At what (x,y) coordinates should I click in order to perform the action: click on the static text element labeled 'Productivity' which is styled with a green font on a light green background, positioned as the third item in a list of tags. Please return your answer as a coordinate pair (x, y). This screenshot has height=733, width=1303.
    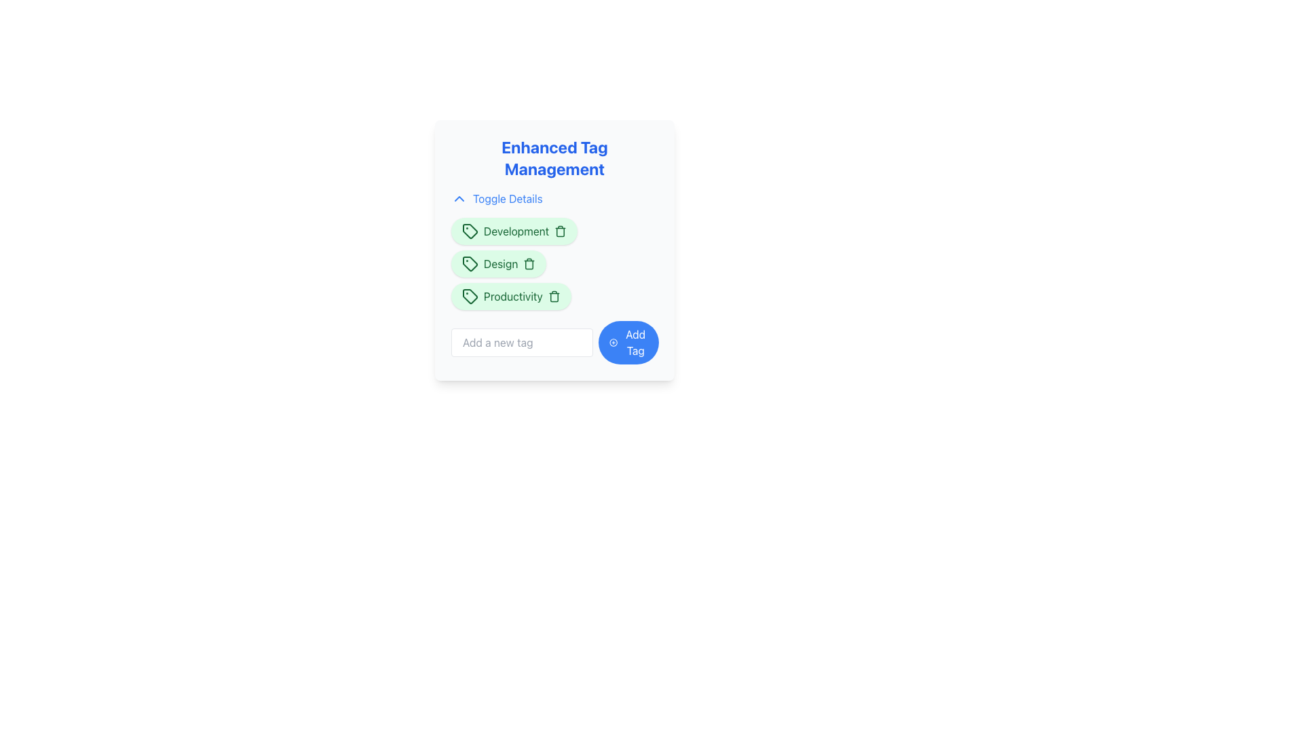
    Looking at the image, I should click on (512, 295).